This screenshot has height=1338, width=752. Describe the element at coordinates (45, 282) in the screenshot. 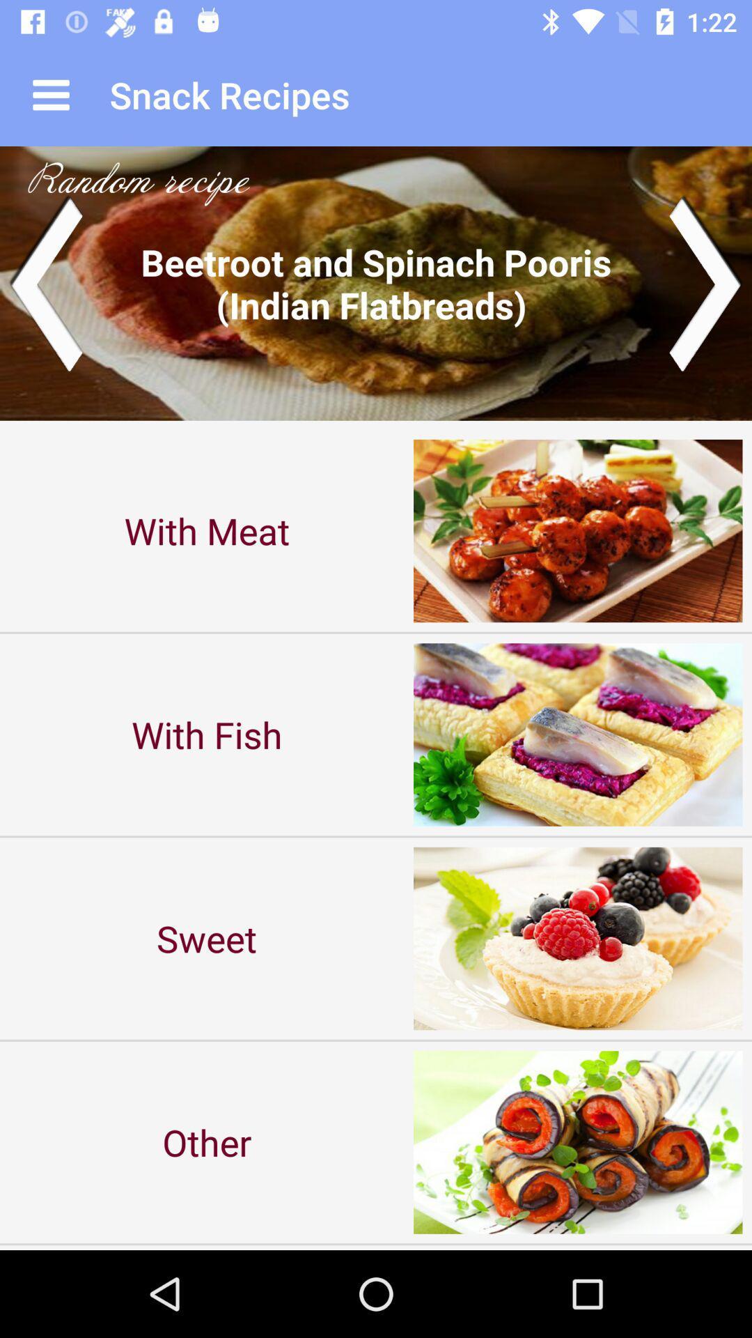

I see `navigate to a previous random recipe` at that location.